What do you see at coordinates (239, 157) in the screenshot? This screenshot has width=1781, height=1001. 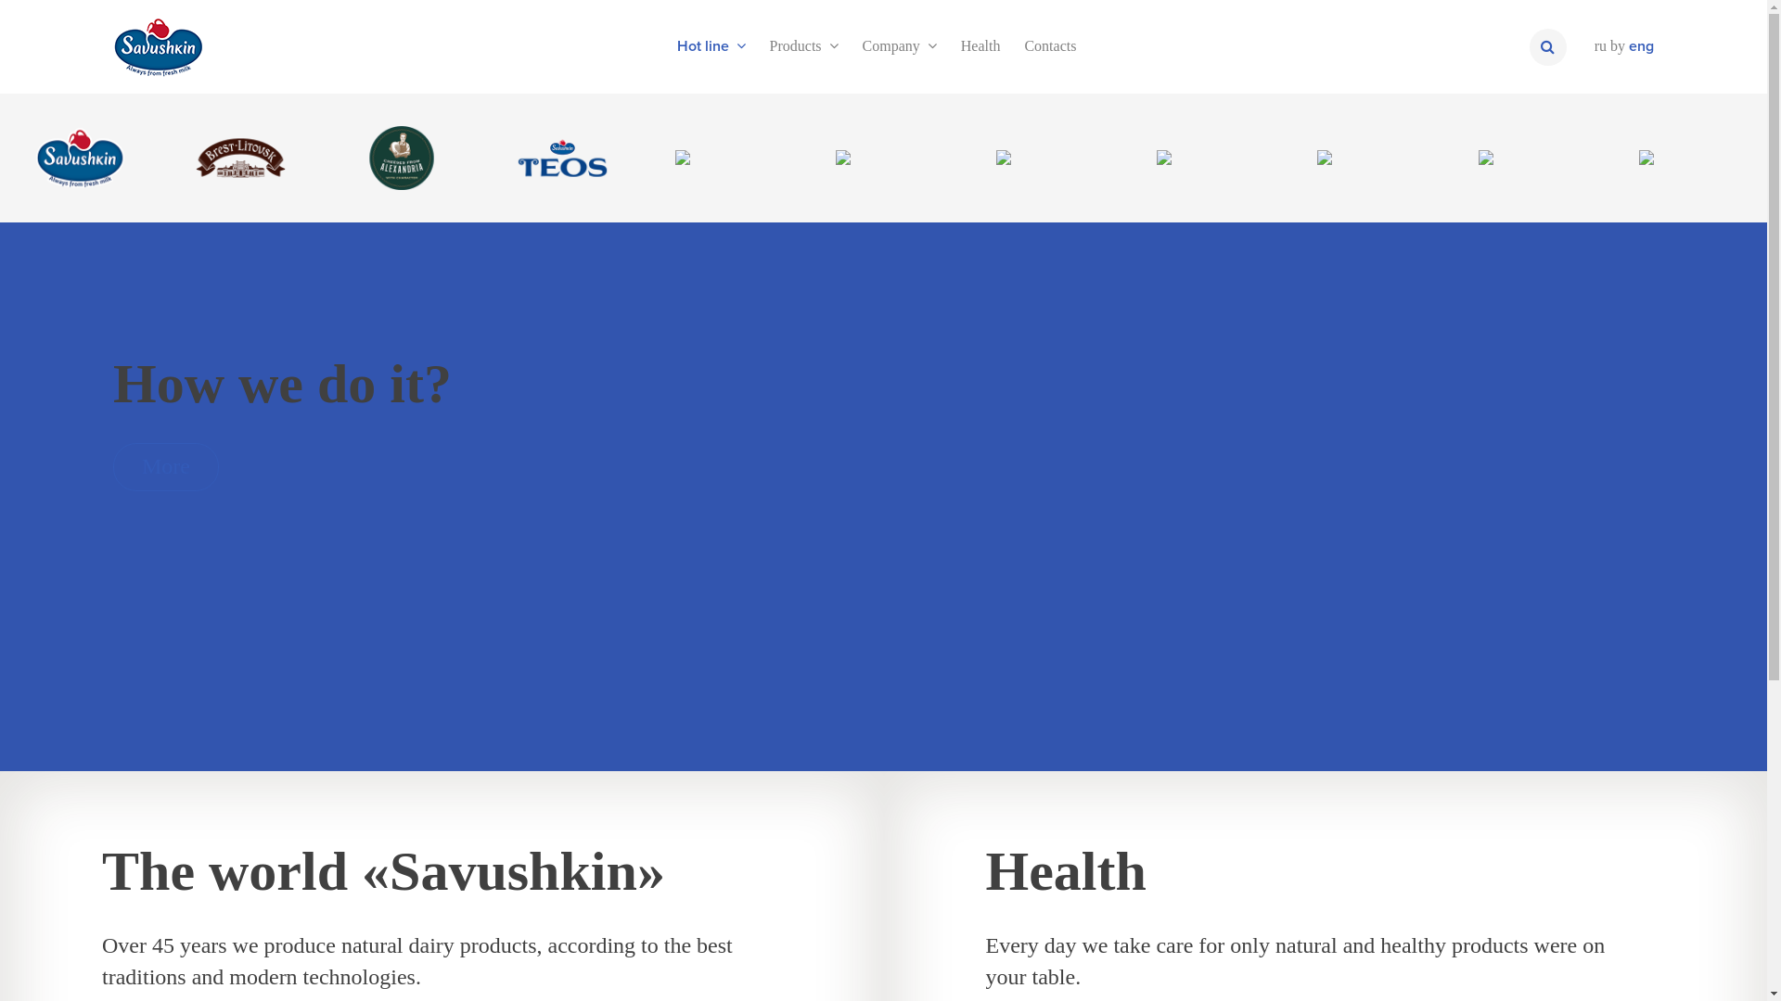 I see `'Brest-Litovsk'` at bounding box center [239, 157].